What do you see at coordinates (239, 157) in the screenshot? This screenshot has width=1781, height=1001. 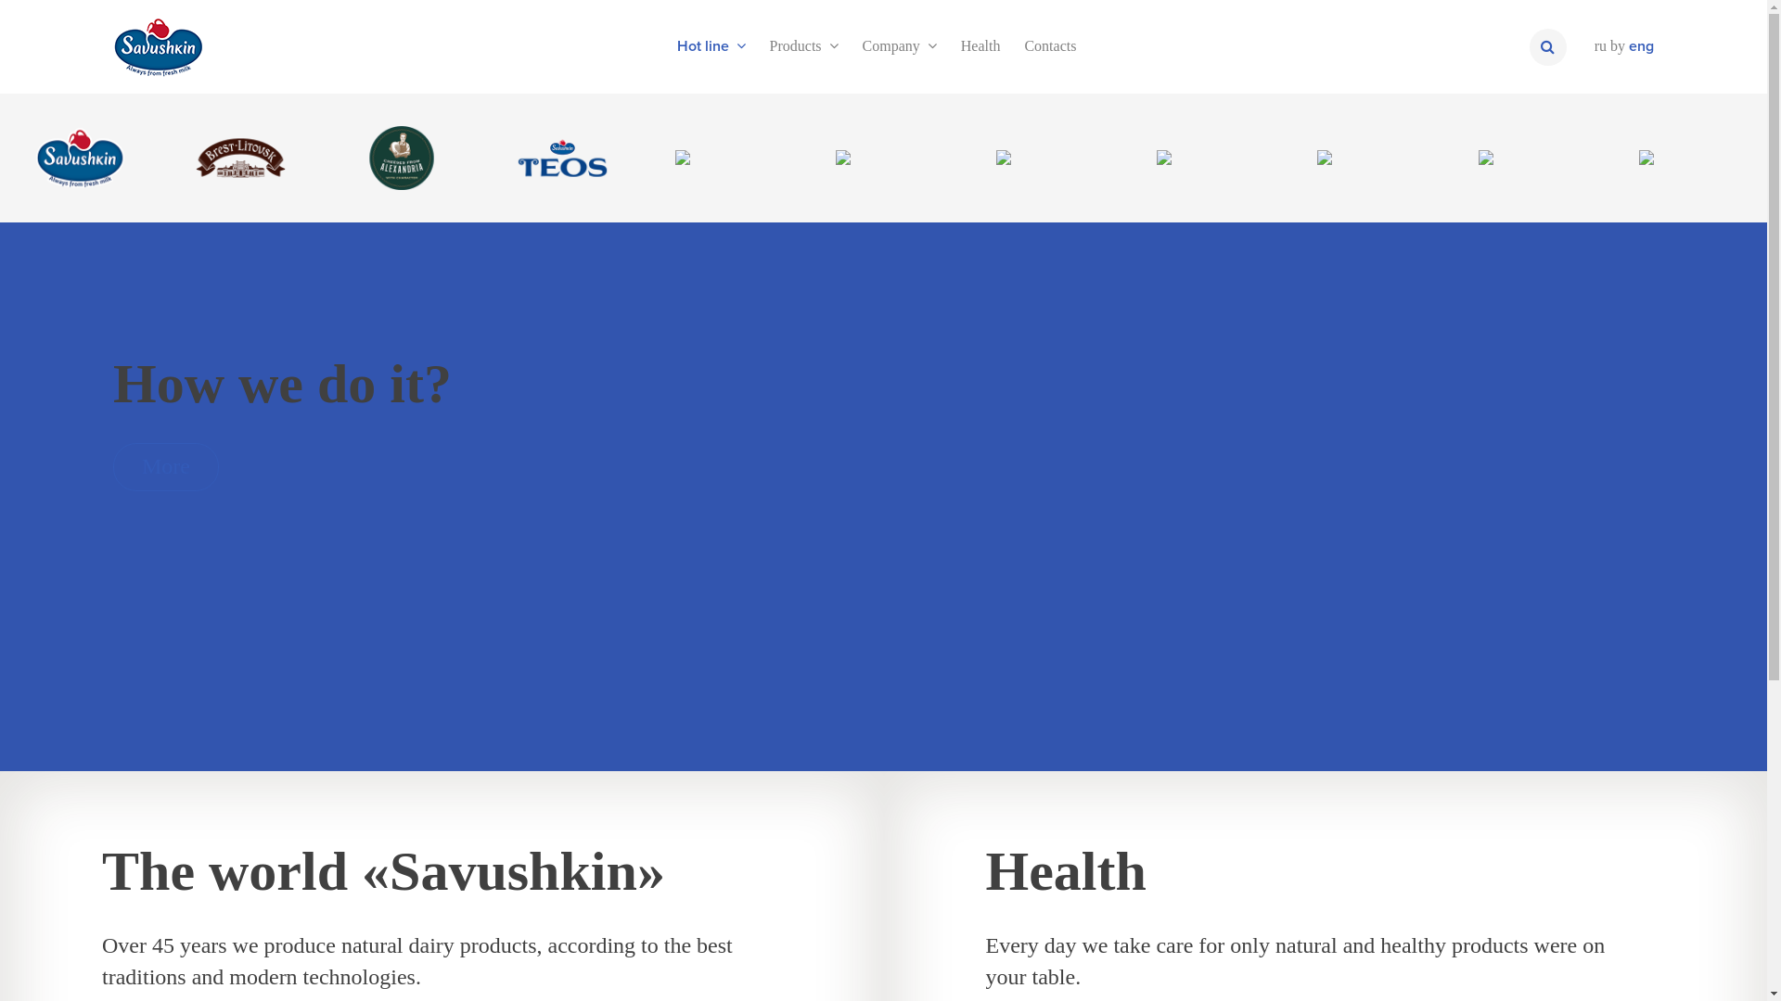 I see `'Brest-Litovsk'` at bounding box center [239, 157].